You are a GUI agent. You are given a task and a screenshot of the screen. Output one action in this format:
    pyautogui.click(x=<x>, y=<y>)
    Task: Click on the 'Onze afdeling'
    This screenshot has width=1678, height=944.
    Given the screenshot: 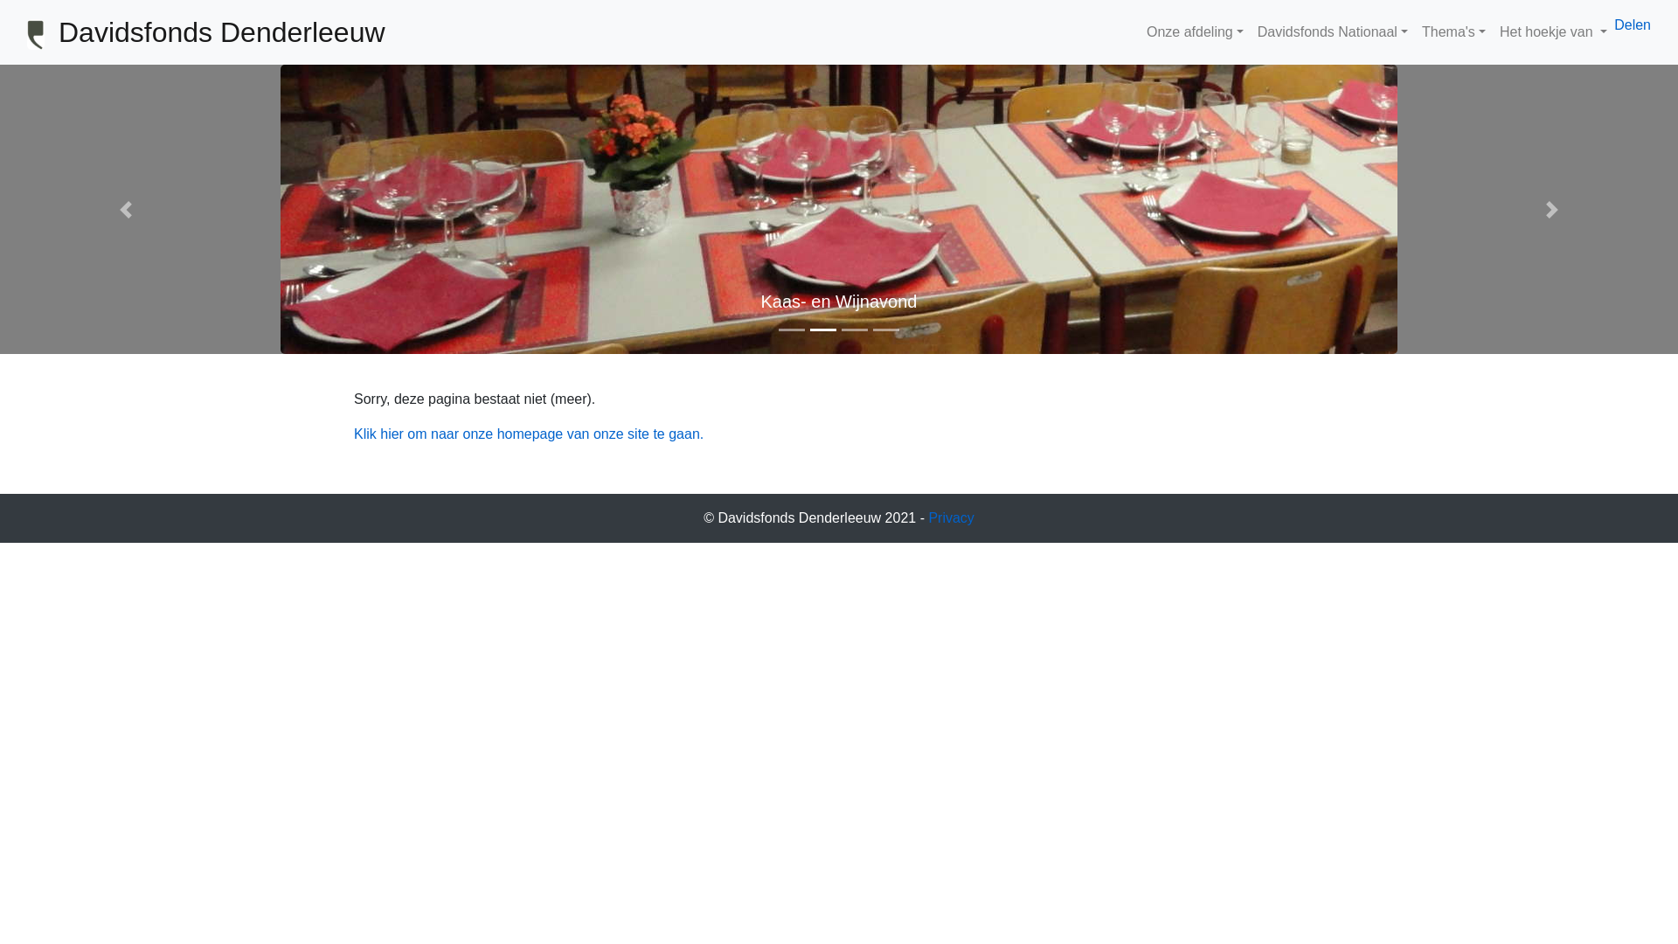 What is the action you would take?
    pyautogui.click(x=1194, y=32)
    